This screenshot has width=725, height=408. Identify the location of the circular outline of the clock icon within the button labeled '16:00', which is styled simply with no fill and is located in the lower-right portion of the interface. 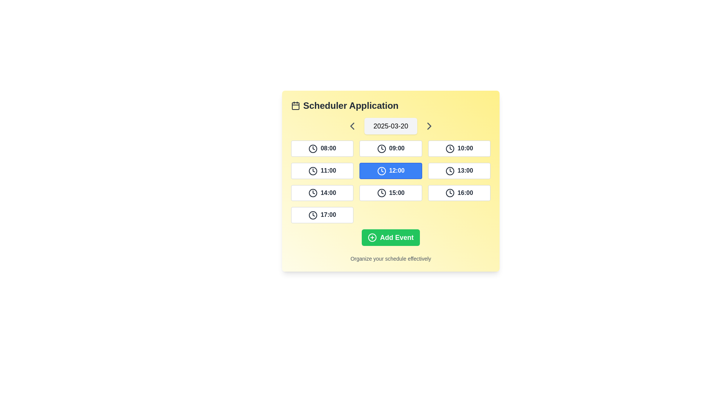
(450, 193).